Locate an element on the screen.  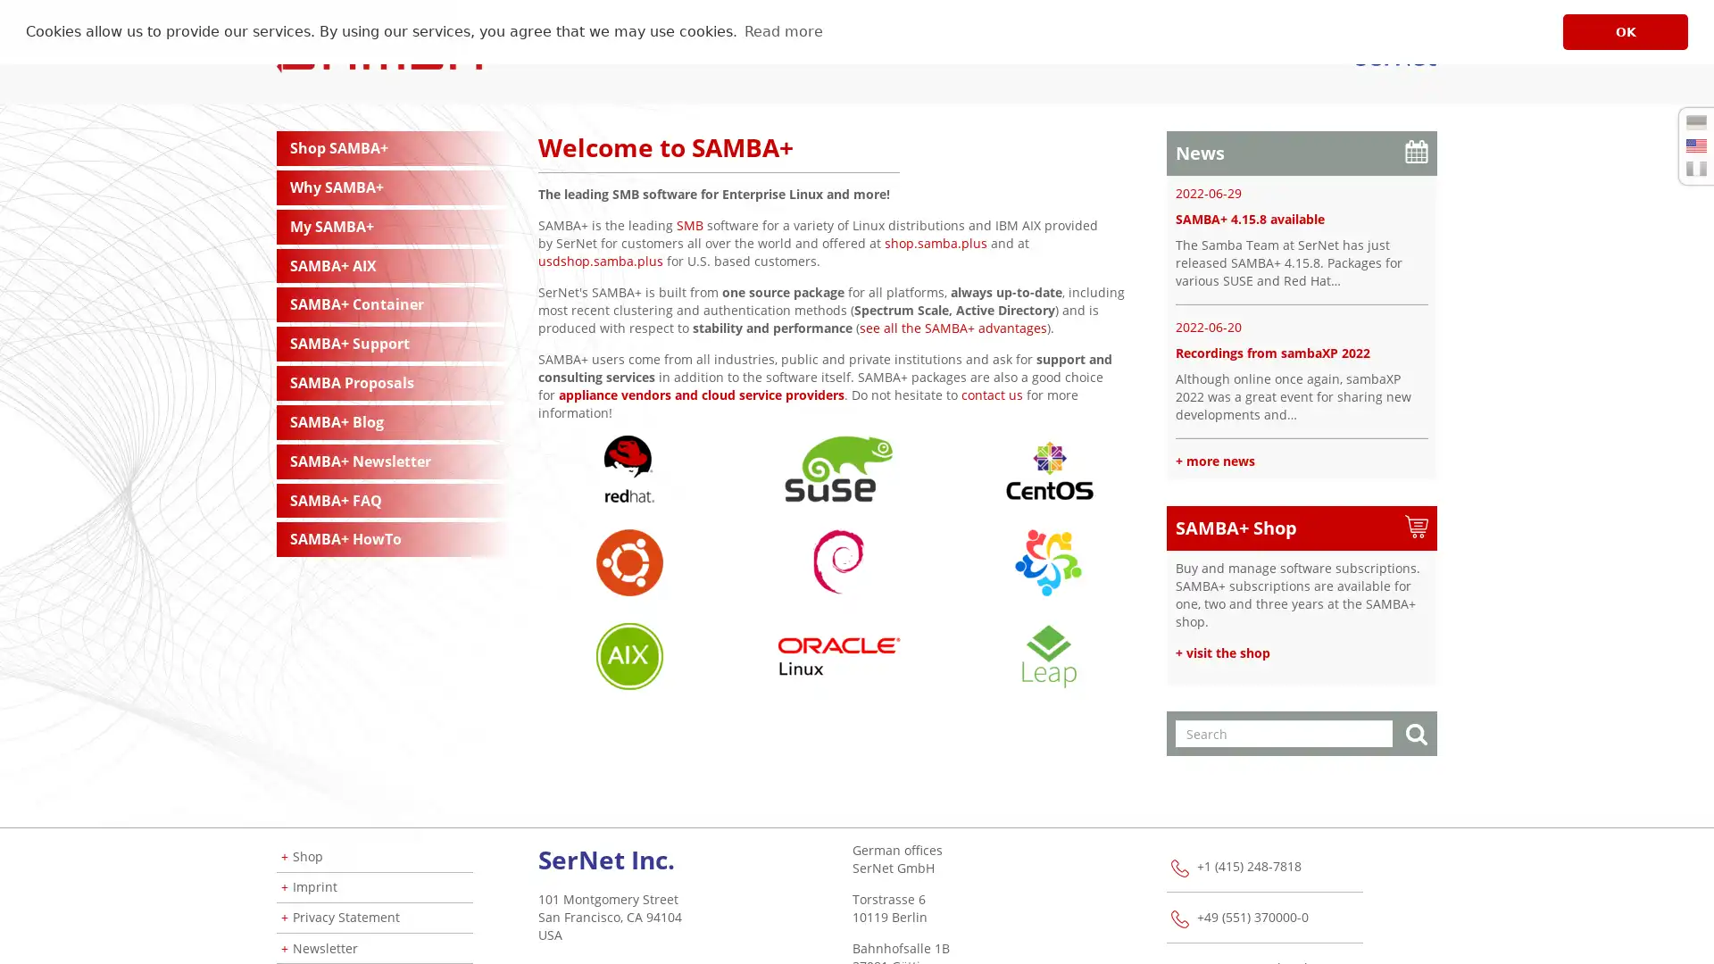
learn more about cookies is located at coordinates (783, 30).